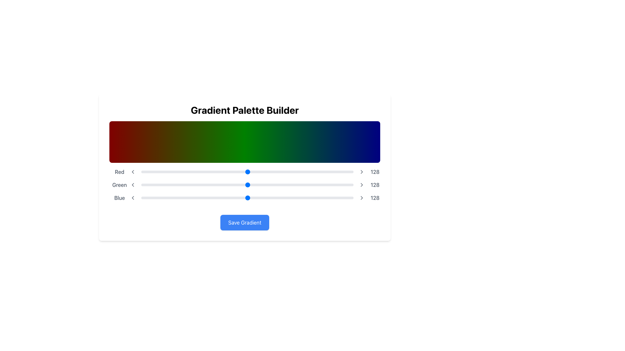 The width and height of the screenshot is (625, 351). What do you see at coordinates (211, 196) in the screenshot?
I see `the blue color intensity` at bounding box center [211, 196].